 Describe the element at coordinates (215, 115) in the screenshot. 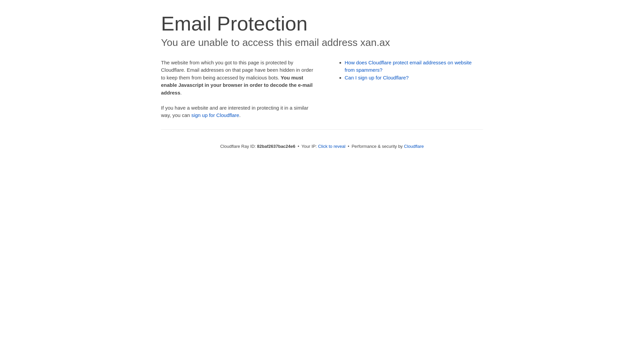

I see `'sign up for Cloudflare'` at that location.